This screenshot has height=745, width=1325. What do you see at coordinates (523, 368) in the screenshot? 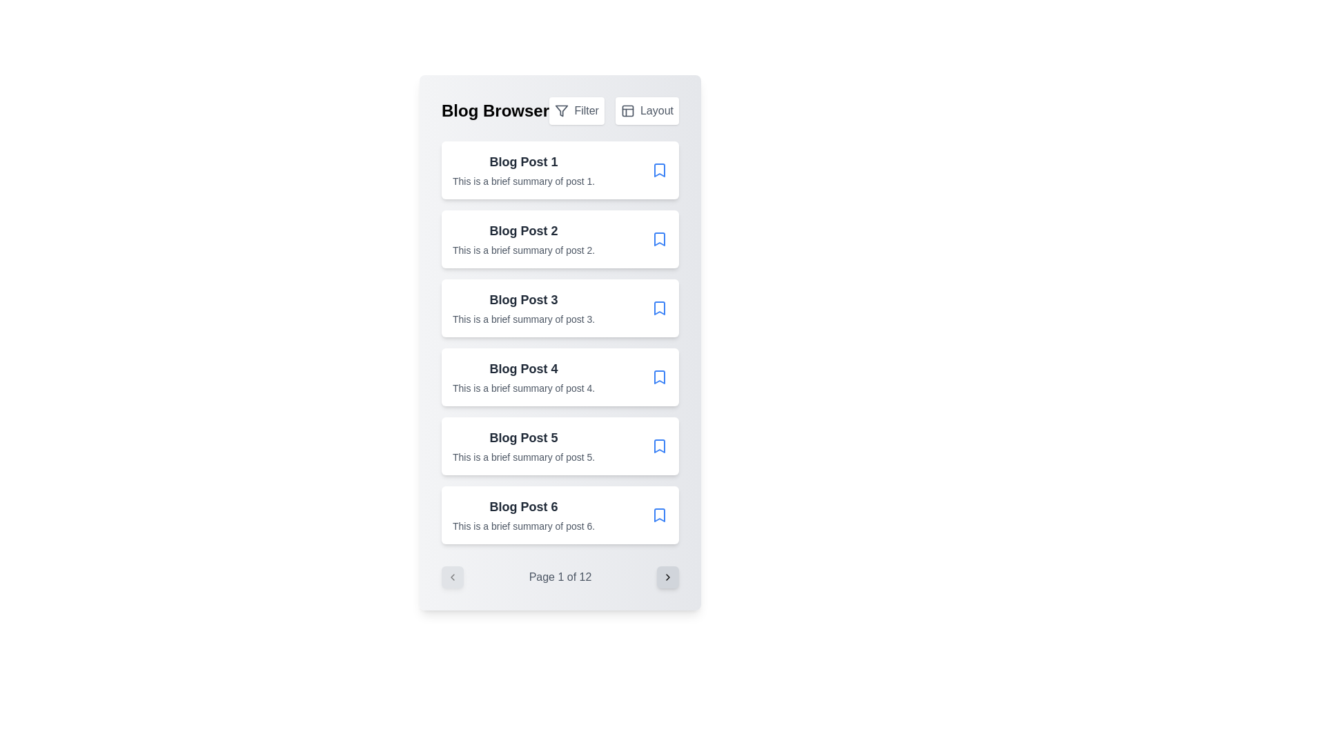
I see `the text label element titled 'Blog Post 4'` at bounding box center [523, 368].